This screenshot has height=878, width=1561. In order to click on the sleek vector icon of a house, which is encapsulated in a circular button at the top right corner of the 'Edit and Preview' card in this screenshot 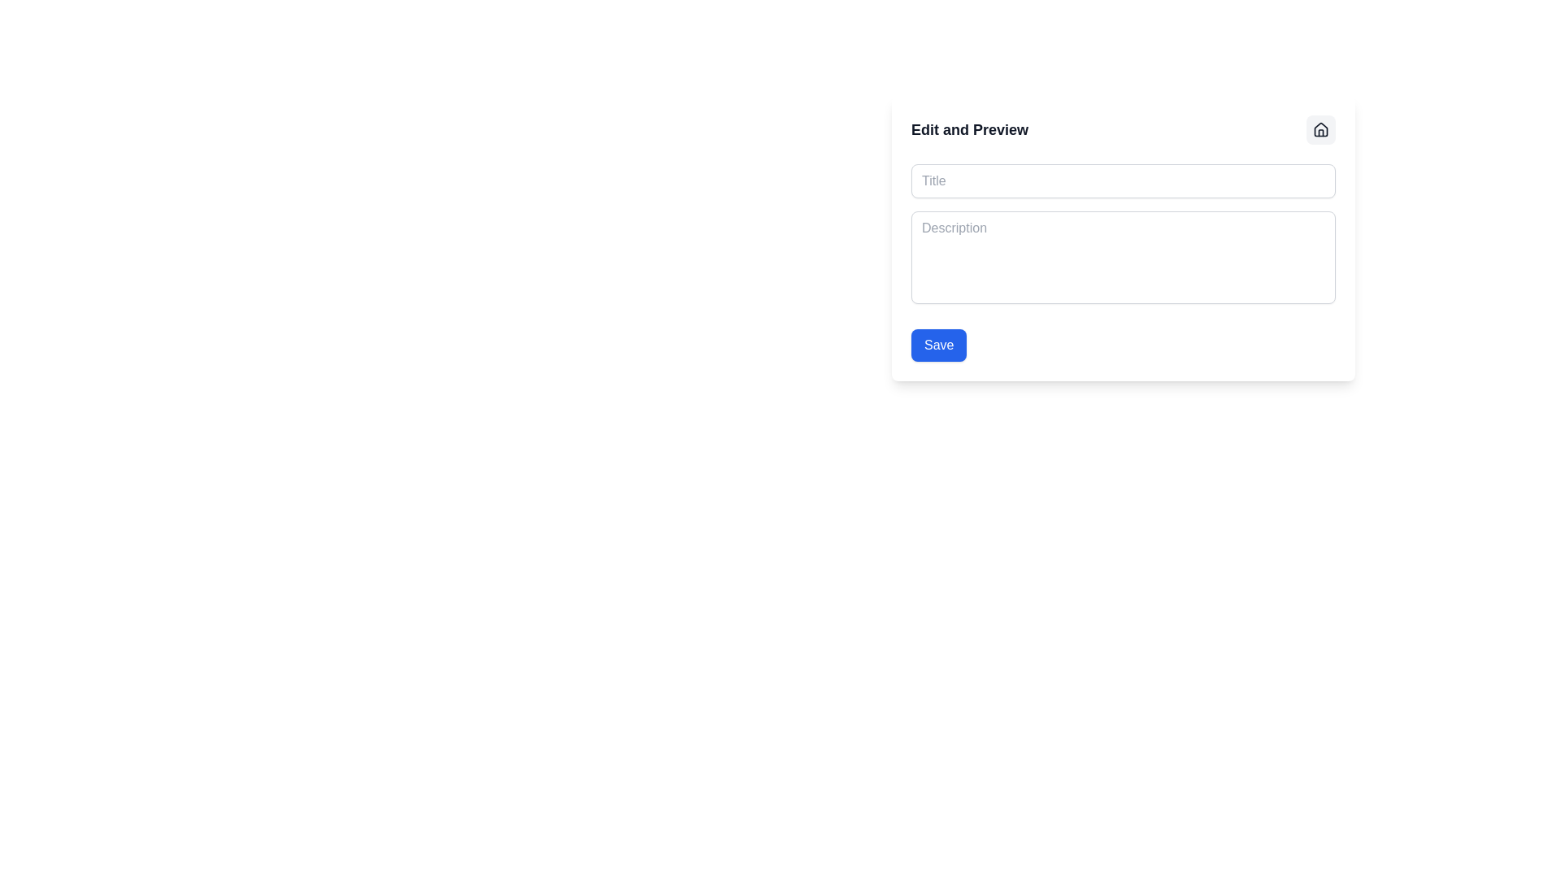, I will do `click(1321, 128)`.